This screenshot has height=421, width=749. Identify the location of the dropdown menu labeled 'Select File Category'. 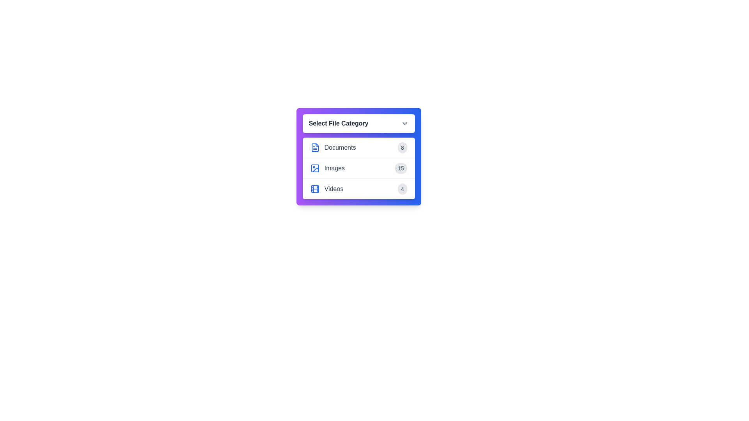
(358, 156).